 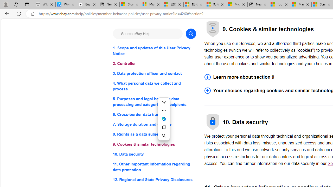 I want to click on 'Search eBay Help...', so click(x=147, y=34).